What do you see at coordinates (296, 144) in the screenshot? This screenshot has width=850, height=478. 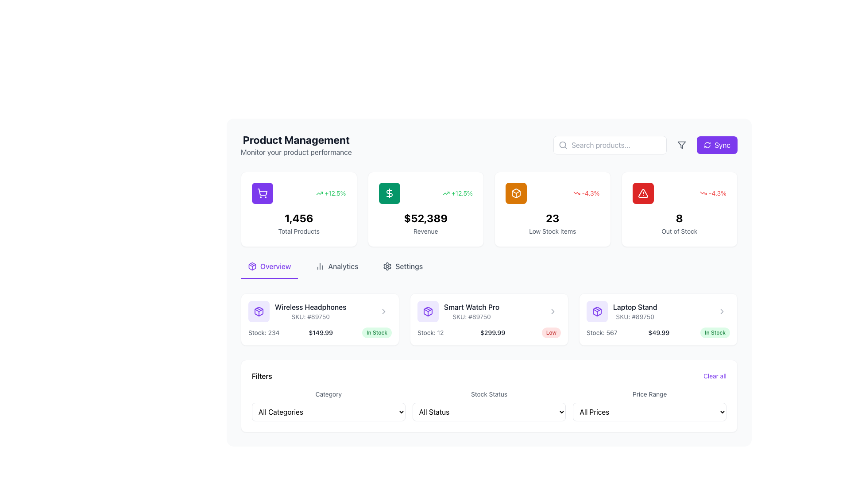 I see `textual header with subtitle located in the upper-central region of the interface, providing an overview of the dashboard's content and purpose` at bounding box center [296, 144].